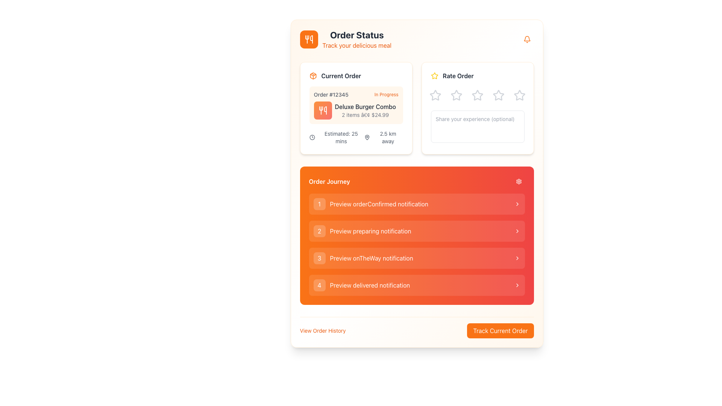 This screenshot has width=722, height=406. Describe the element at coordinates (498, 95) in the screenshot. I see `the third star in the rating component located in the 'Rate Order' section to provide visual feedback` at that location.